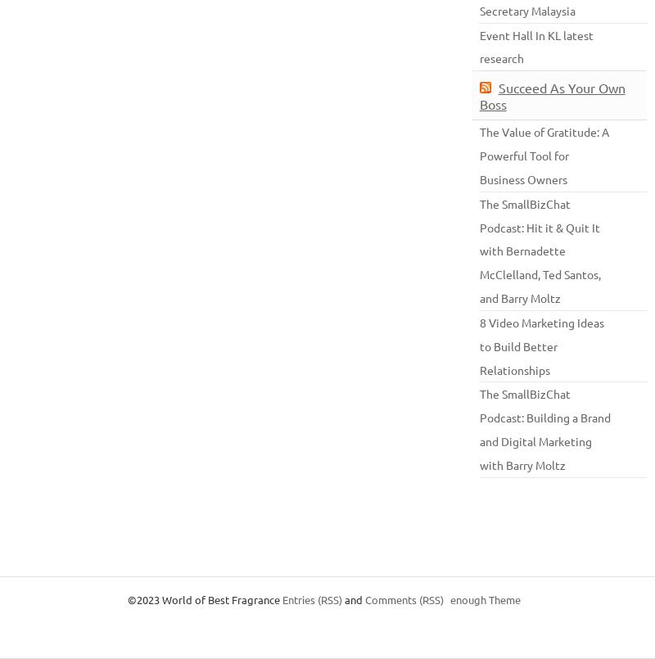  What do you see at coordinates (531, 9) in the screenshot?
I see `'Malaysia'` at bounding box center [531, 9].